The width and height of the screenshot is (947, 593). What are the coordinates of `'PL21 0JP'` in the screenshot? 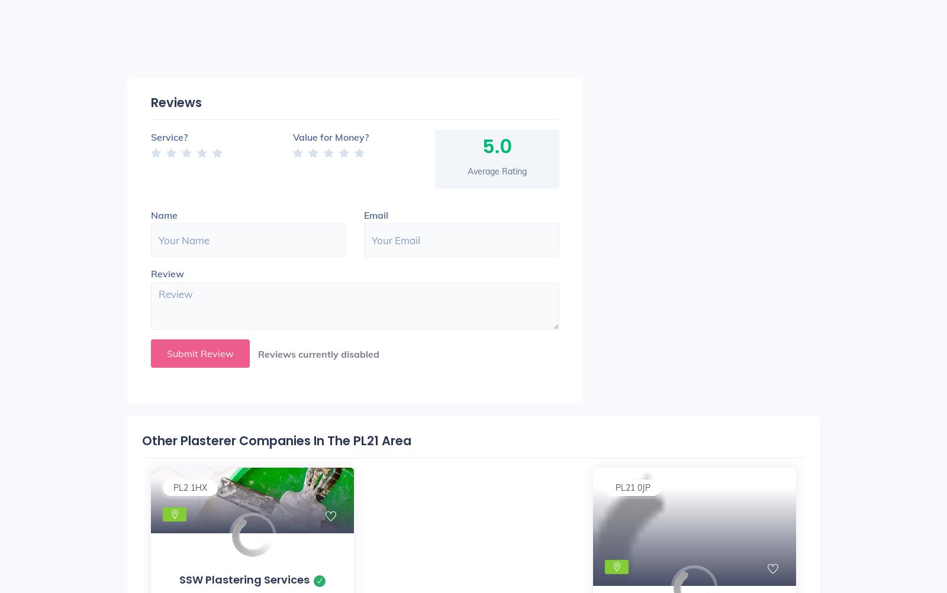 It's located at (615, 487).